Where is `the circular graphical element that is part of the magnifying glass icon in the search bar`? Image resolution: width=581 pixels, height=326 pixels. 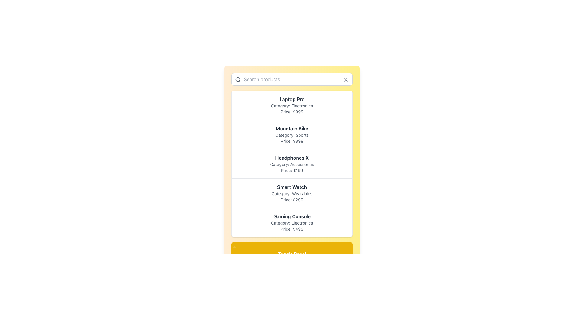 the circular graphical element that is part of the magnifying glass icon in the search bar is located at coordinates (238, 79).